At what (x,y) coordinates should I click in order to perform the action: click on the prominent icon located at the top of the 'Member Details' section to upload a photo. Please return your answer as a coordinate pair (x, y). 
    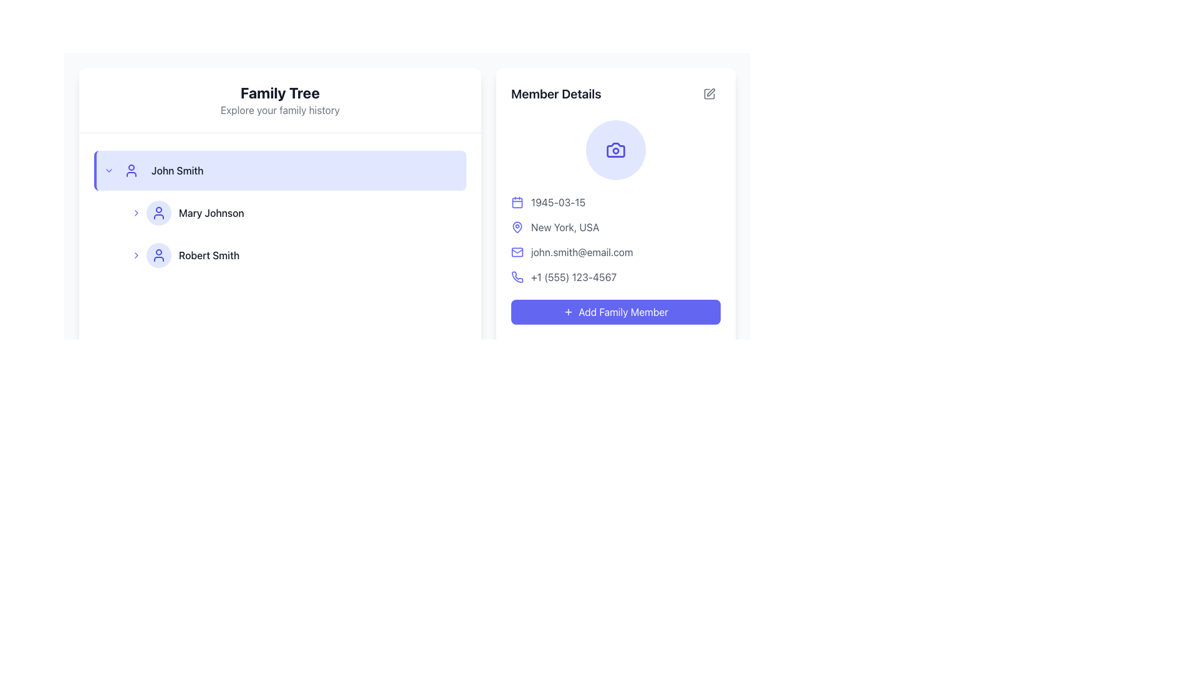
    Looking at the image, I should click on (616, 149).